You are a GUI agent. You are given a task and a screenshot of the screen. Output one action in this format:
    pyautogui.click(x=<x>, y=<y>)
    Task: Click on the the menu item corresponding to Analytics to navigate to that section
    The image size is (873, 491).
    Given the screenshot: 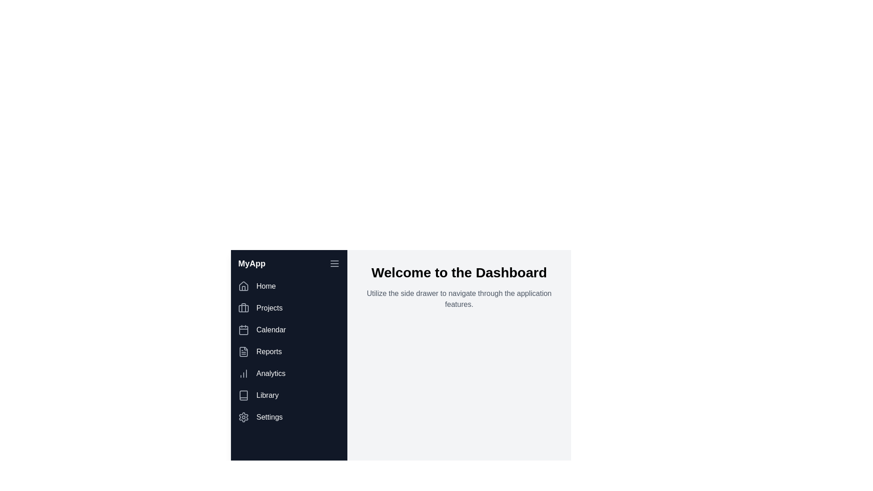 What is the action you would take?
    pyautogui.click(x=288, y=373)
    